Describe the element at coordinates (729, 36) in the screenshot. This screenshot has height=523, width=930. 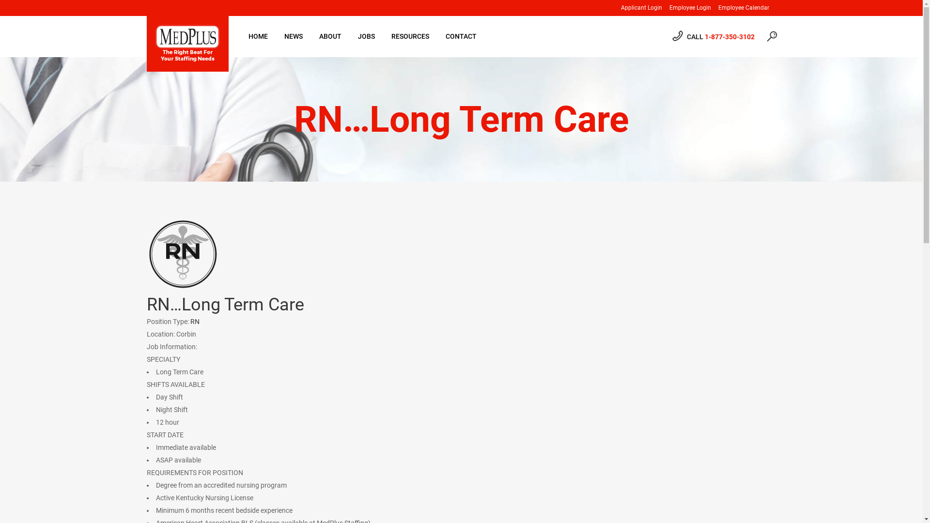
I see `'1-877-350-3102'` at that location.